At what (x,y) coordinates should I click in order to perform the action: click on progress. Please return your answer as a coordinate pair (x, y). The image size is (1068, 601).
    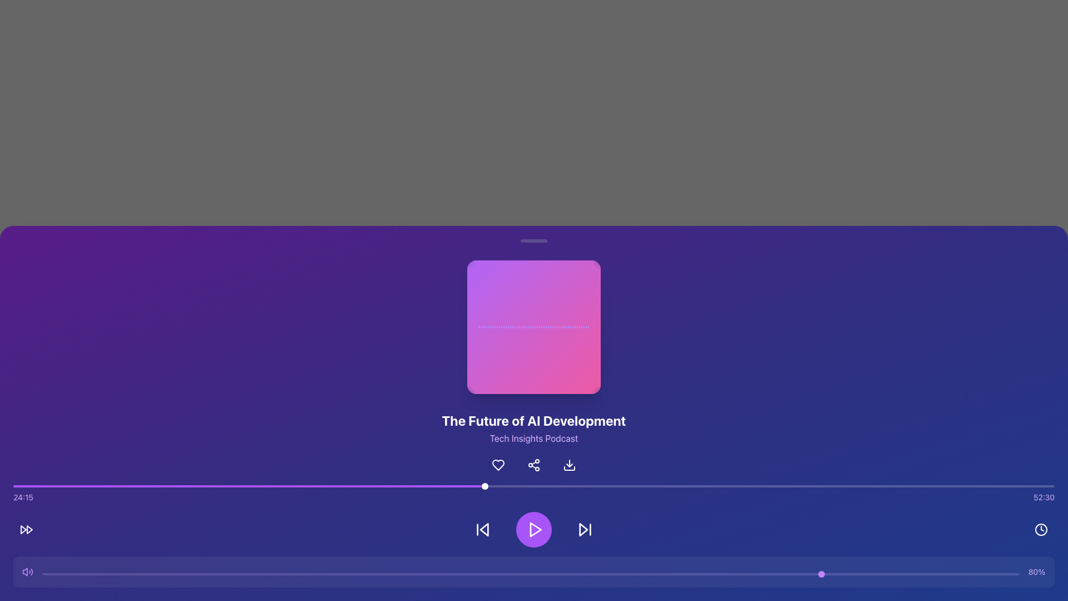
    Looking at the image, I should click on (285, 486).